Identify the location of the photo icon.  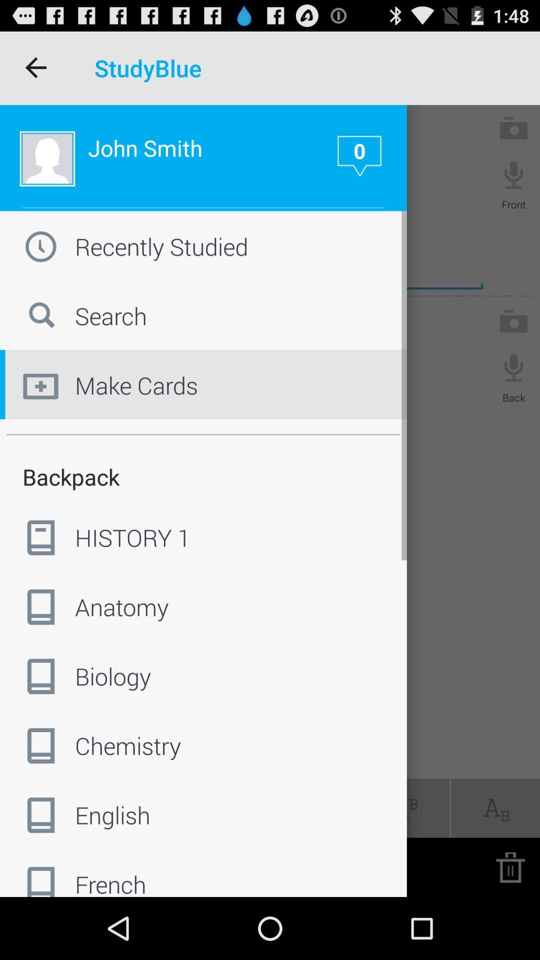
(513, 343).